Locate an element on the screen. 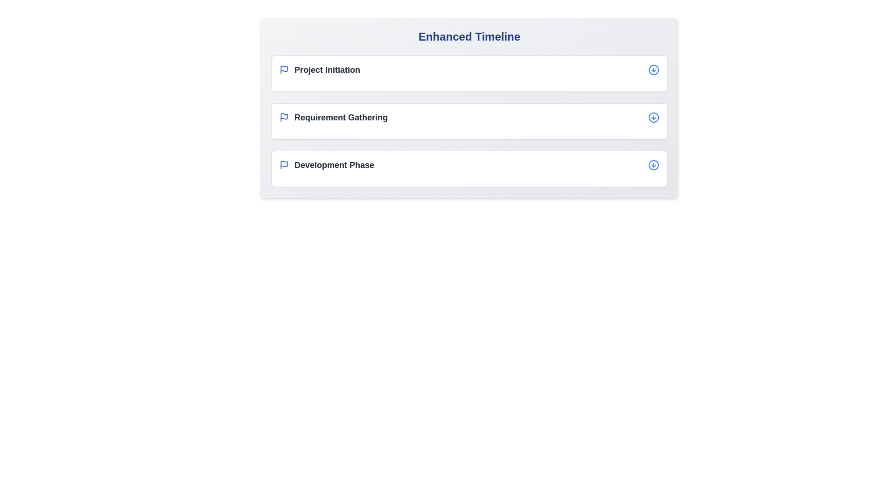 This screenshot has height=504, width=896. the label representing the title or description for the first phase in the vertical timeline interface, which is aligned with a blue flag icon to its left is located at coordinates (327, 70).